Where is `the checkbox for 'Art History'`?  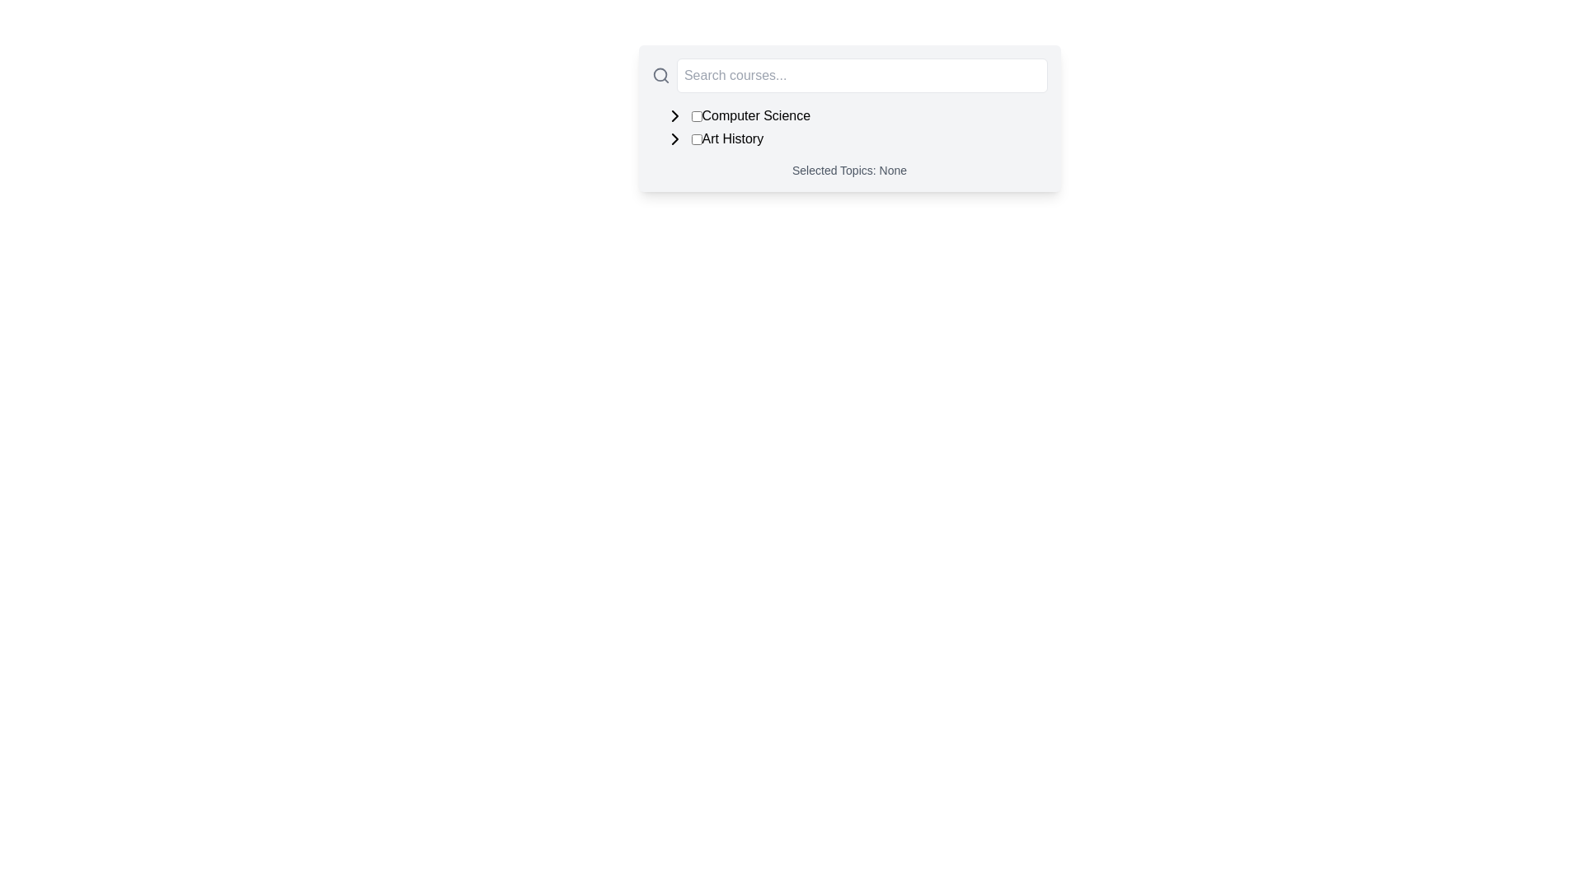
the checkbox for 'Art History' is located at coordinates (696, 138).